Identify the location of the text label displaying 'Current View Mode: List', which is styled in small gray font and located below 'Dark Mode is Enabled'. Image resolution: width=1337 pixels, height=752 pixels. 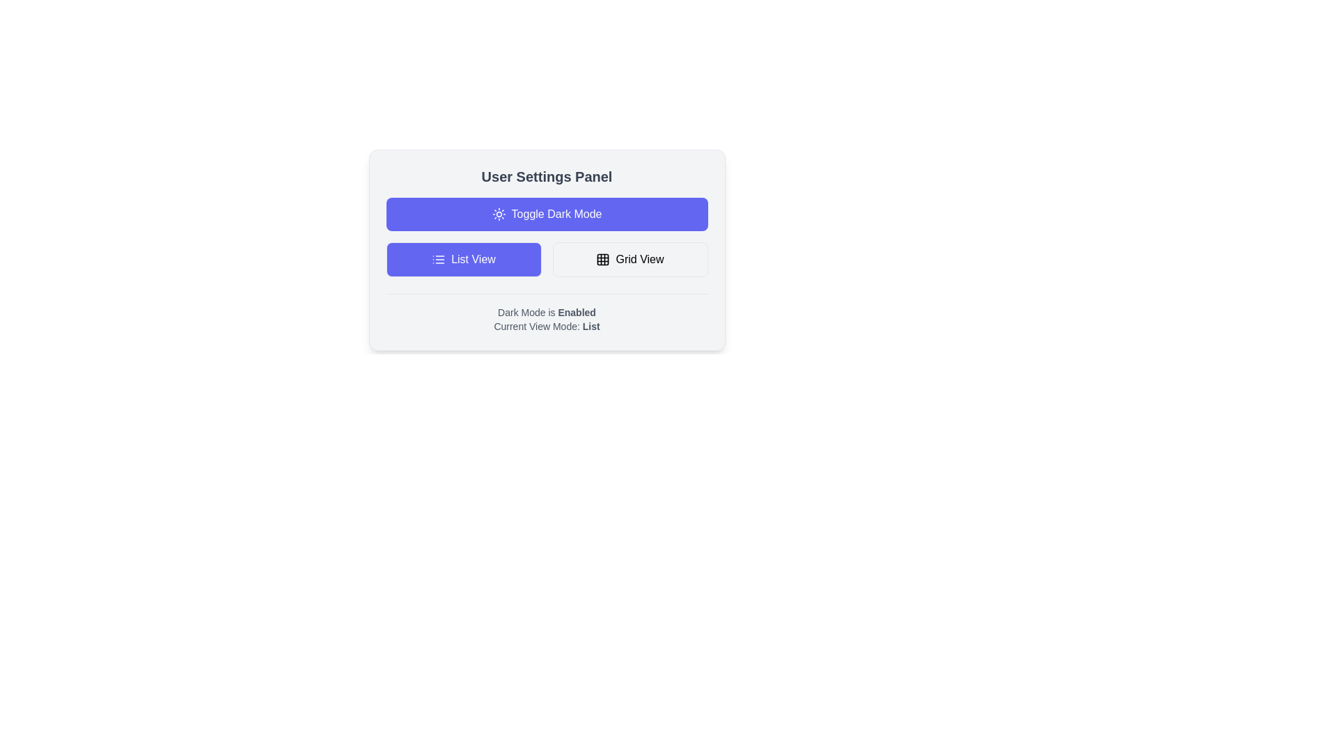
(546, 327).